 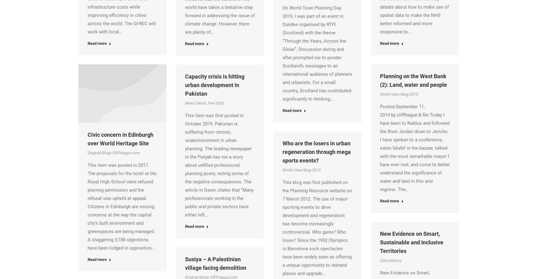 What do you see at coordinates (216, 263) in the screenshot?
I see `'Susiya – A Palestinian village facing demolition'` at bounding box center [216, 263].